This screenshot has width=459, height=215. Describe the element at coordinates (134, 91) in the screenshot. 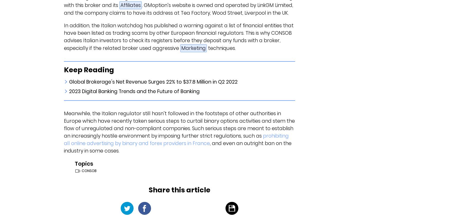

I see `'2023 Digital Banking Trends and the Future of Banking'` at that location.